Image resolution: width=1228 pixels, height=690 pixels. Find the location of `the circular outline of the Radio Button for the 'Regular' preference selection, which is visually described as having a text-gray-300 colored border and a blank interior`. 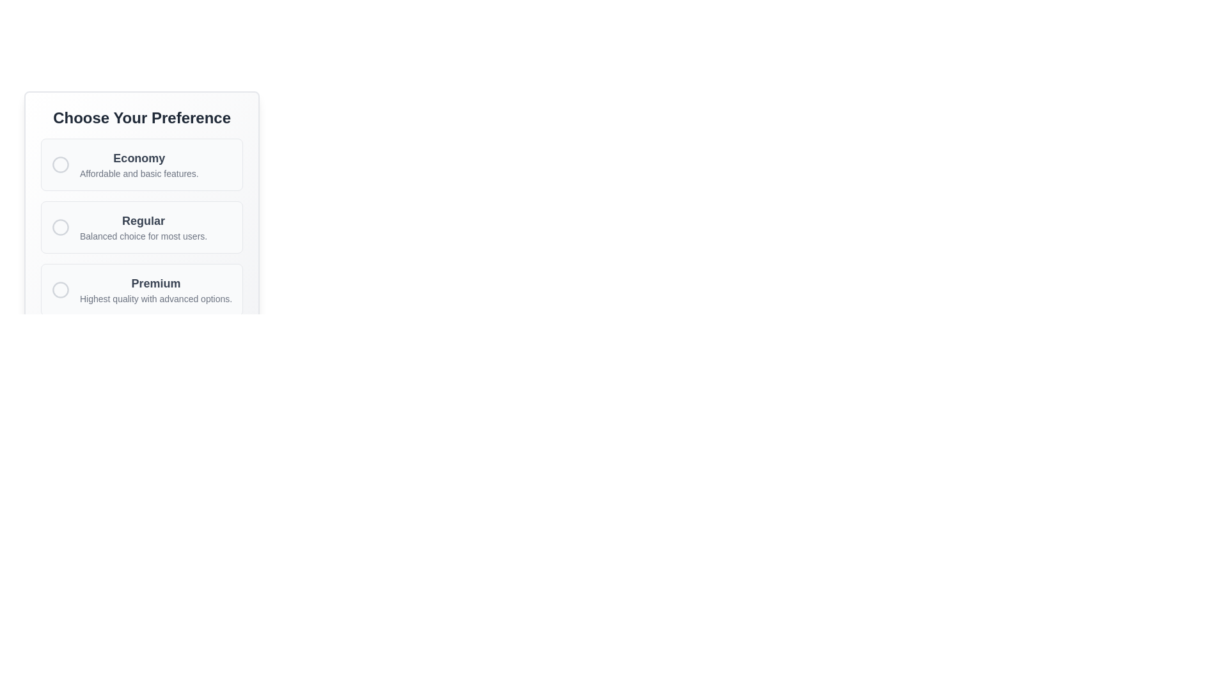

the circular outline of the Radio Button for the 'Regular' preference selection, which is visually described as having a text-gray-300 colored border and a blank interior is located at coordinates (60, 226).